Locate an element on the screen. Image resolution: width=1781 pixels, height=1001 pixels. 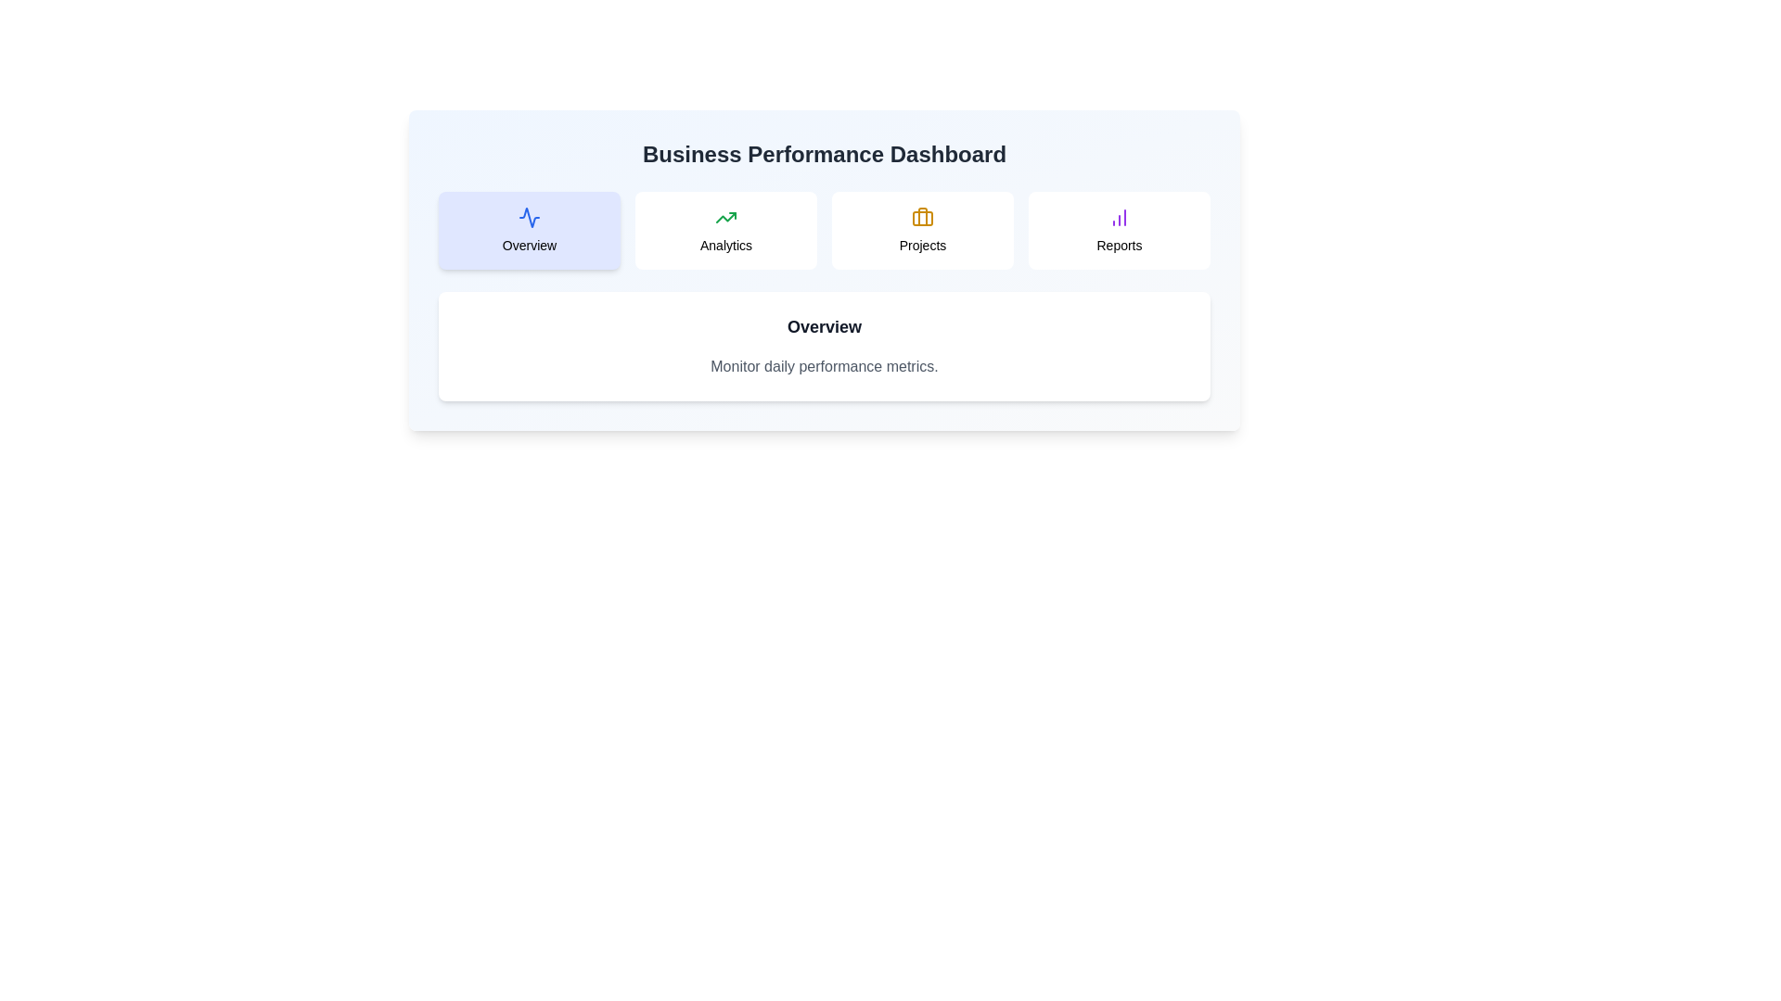
the tab corresponding to Projects to display hover feedback is located at coordinates (922, 230).